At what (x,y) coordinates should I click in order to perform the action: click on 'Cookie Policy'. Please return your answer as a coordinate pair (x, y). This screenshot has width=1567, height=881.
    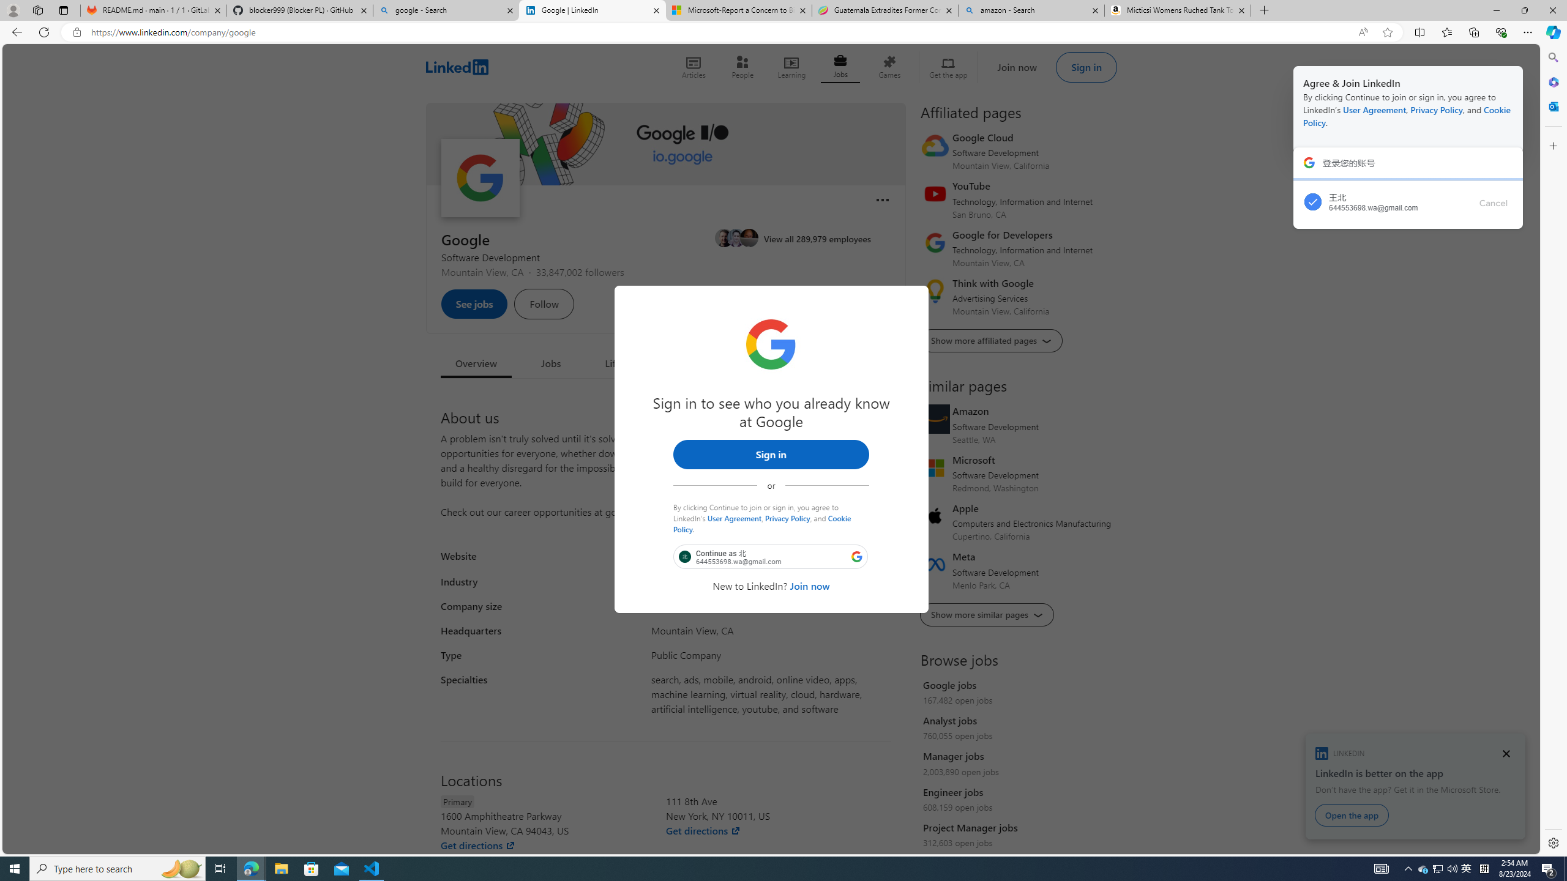
    Looking at the image, I should click on (761, 522).